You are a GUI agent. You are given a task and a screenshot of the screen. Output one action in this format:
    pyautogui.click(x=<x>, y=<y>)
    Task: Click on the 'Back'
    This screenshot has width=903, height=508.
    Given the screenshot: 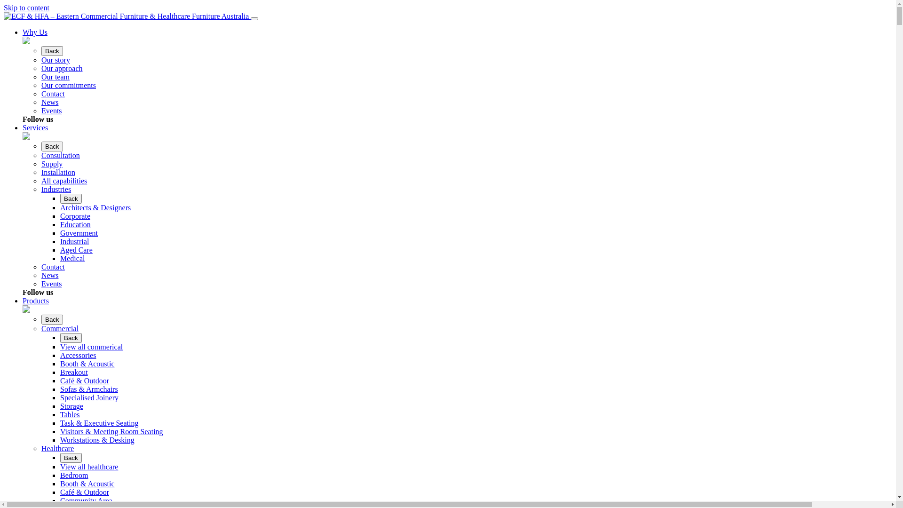 What is the action you would take?
    pyautogui.click(x=51, y=319)
    